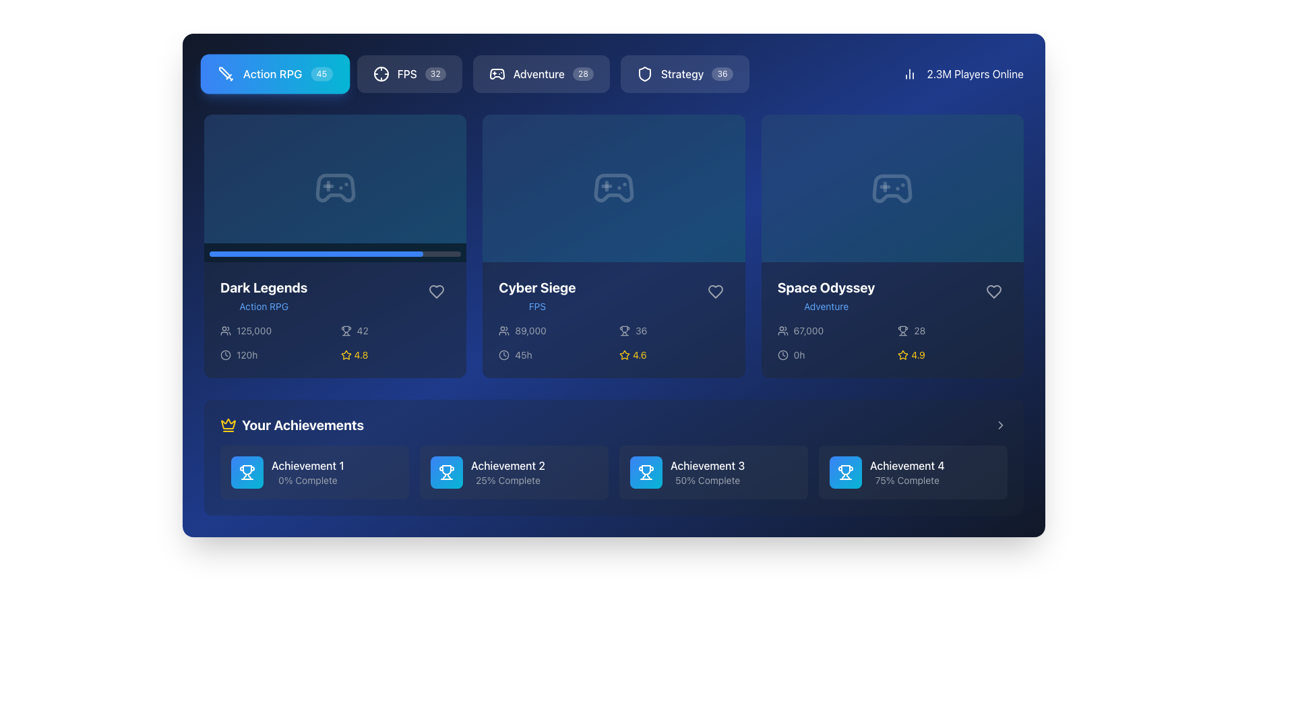 The height and width of the screenshot is (728, 1294). I want to click on the progress level of the progress bar located at the bottom of the 'Dark Legends' game card, which visually represents a completion percentage, so click(315, 254).